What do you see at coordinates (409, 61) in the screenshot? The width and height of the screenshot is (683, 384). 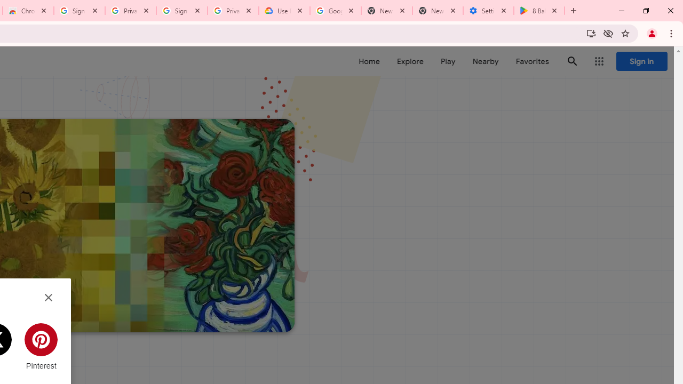 I see `'Explore'` at bounding box center [409, 61].